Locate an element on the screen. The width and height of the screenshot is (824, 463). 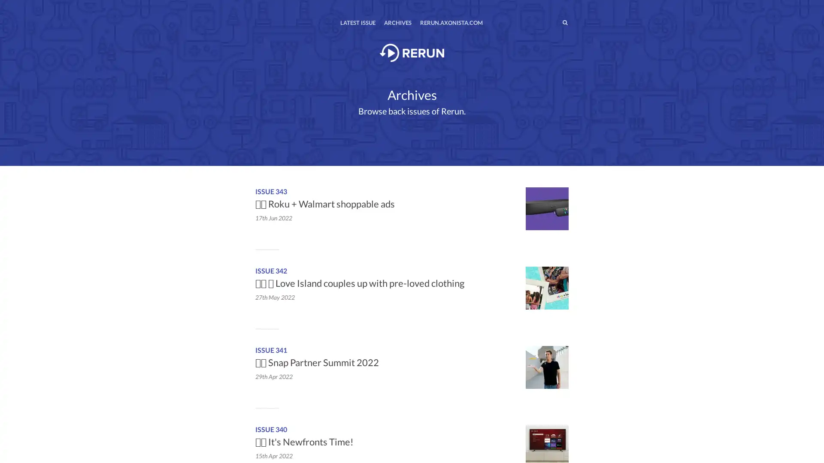
SEARCH is located at coordinates (547, 22).